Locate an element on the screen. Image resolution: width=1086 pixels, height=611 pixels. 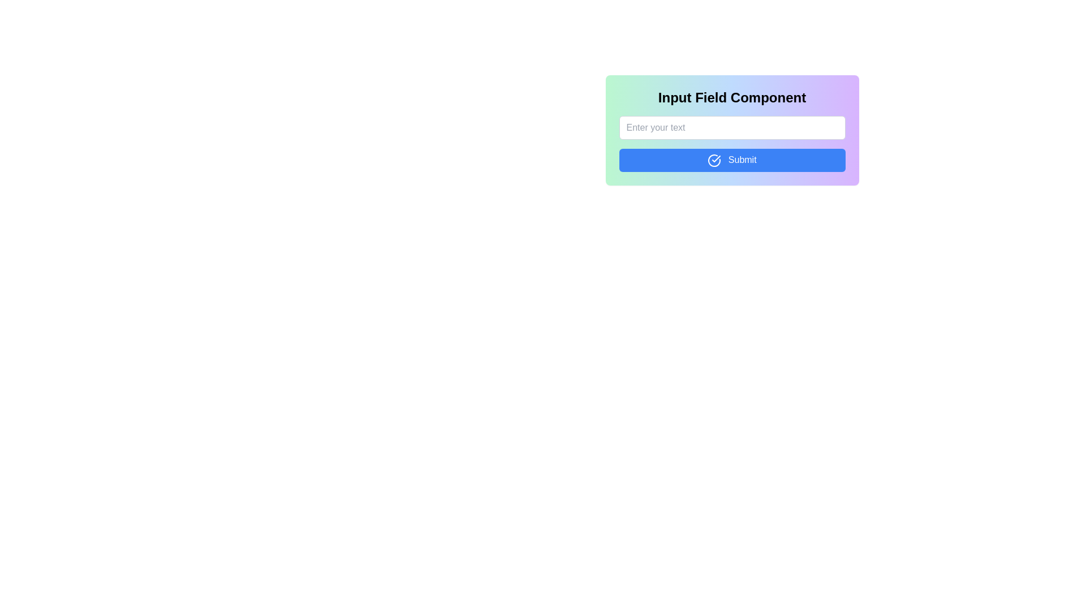
the 'Submit' button in the 'Input Field Component' composite form is located at coordinates (732, 177).